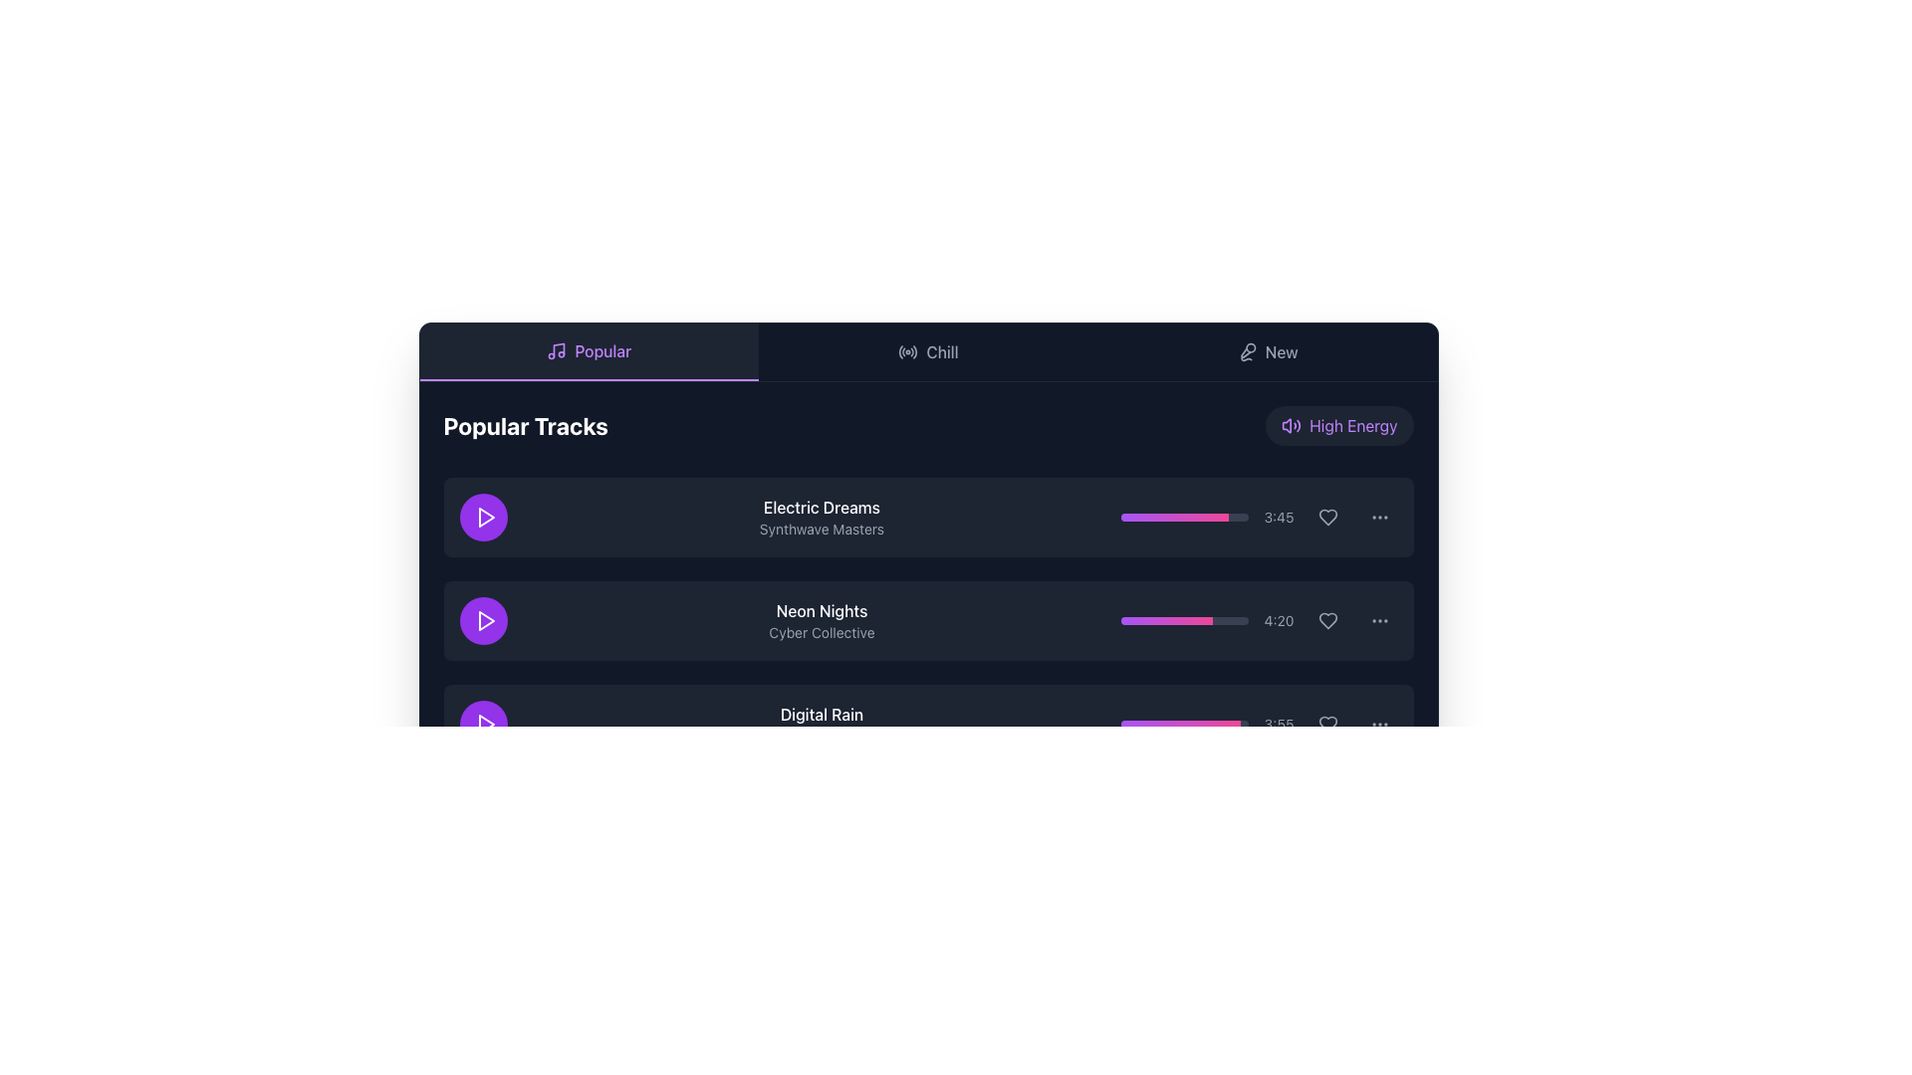 The height and width of the screenshot is (1075, 1912). What do you see at coordinates (1172, 620) in the screenshot?
I see `progress` at bounding box center [1172, 620].